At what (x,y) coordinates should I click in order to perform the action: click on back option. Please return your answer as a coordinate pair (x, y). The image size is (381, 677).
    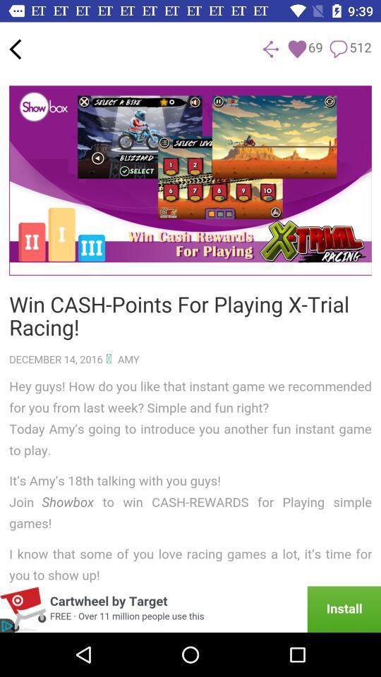
    Looking at the image, I should click on (14, 49).